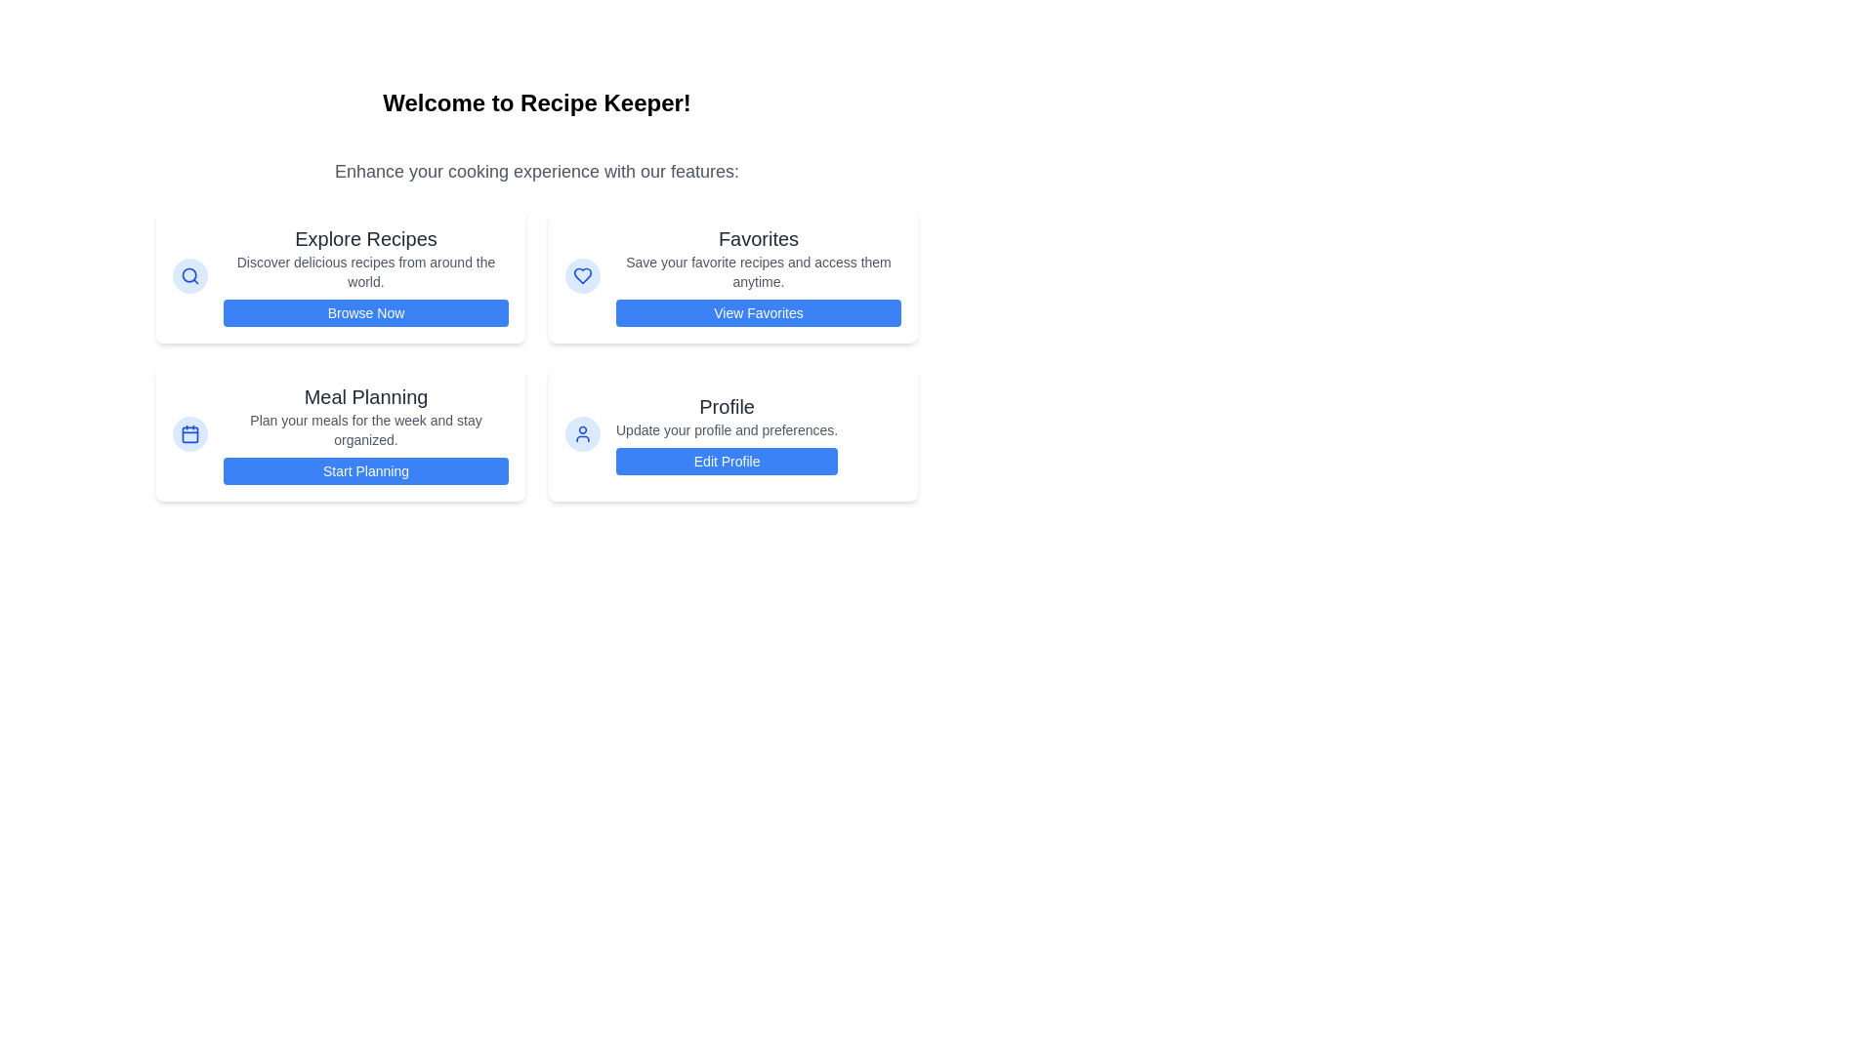 This screenshot has height=1054, width=1875. What do you see at coordinates (365, 470) in the screenshot?
I see `the button labeled 'Start Planning' with a blue background` at bounding box center [365, 470].